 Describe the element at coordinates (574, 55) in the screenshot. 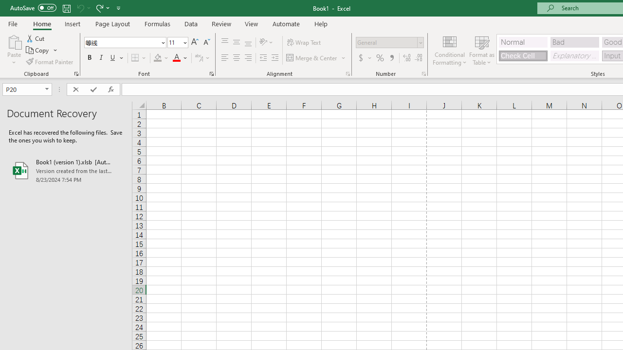

I see `'Explanatory Text'` at that location.